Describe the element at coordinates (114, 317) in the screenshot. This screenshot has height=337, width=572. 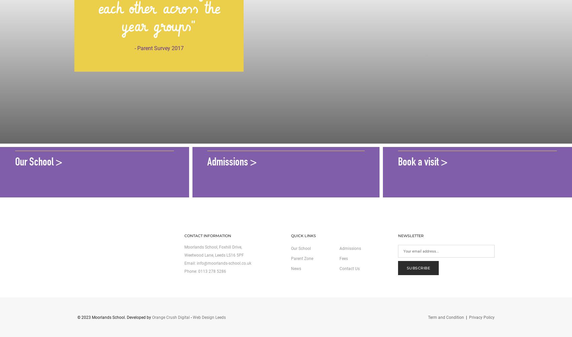
I see `'© 2023 Moorlands School. Developed by'` at that location.